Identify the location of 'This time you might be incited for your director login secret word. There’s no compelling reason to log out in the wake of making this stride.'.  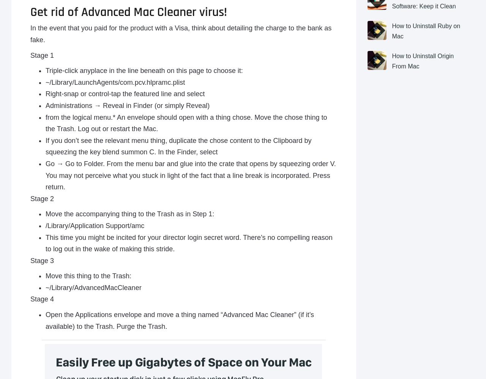
(189, 243).